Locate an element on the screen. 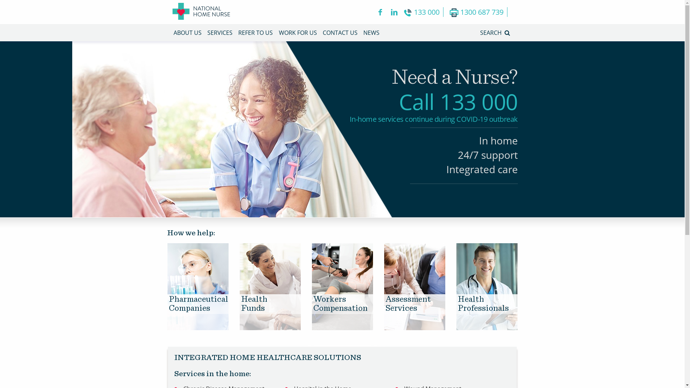 Image resolution: width=690 pixels, height=388 pixels. 'SEARCH' is located at coordinates (480, 33).